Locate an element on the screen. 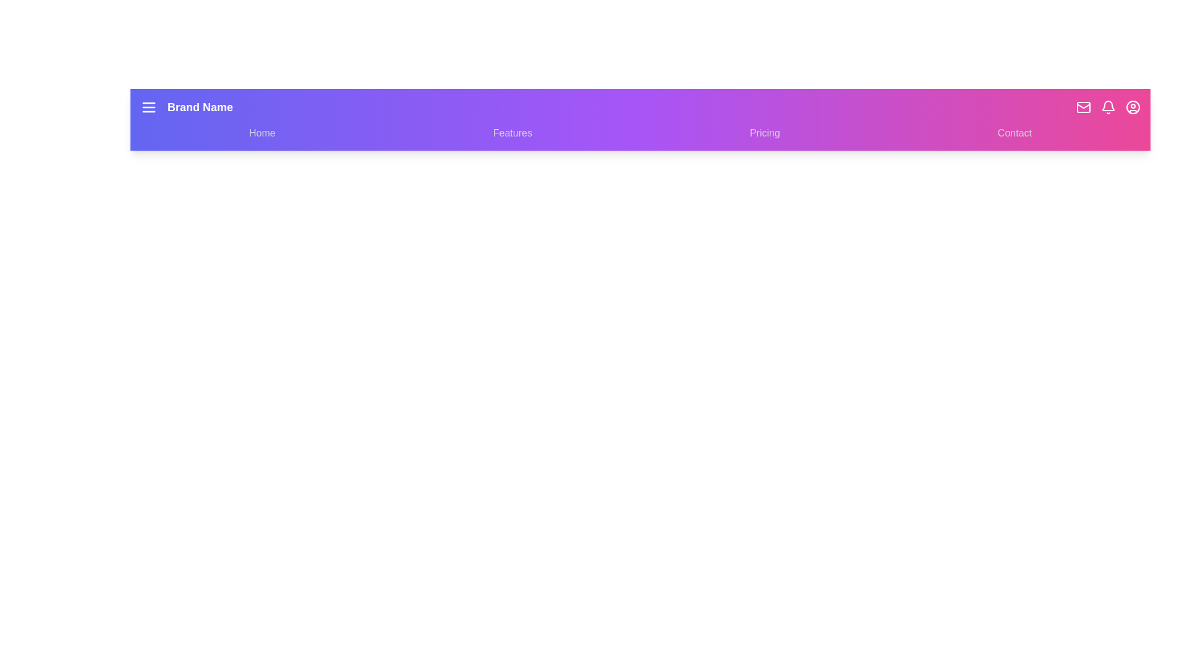 The height and width of the screenshot is (667, 1187). the 'Brand Name' text to highlight it is located at coordinates (200, 106).